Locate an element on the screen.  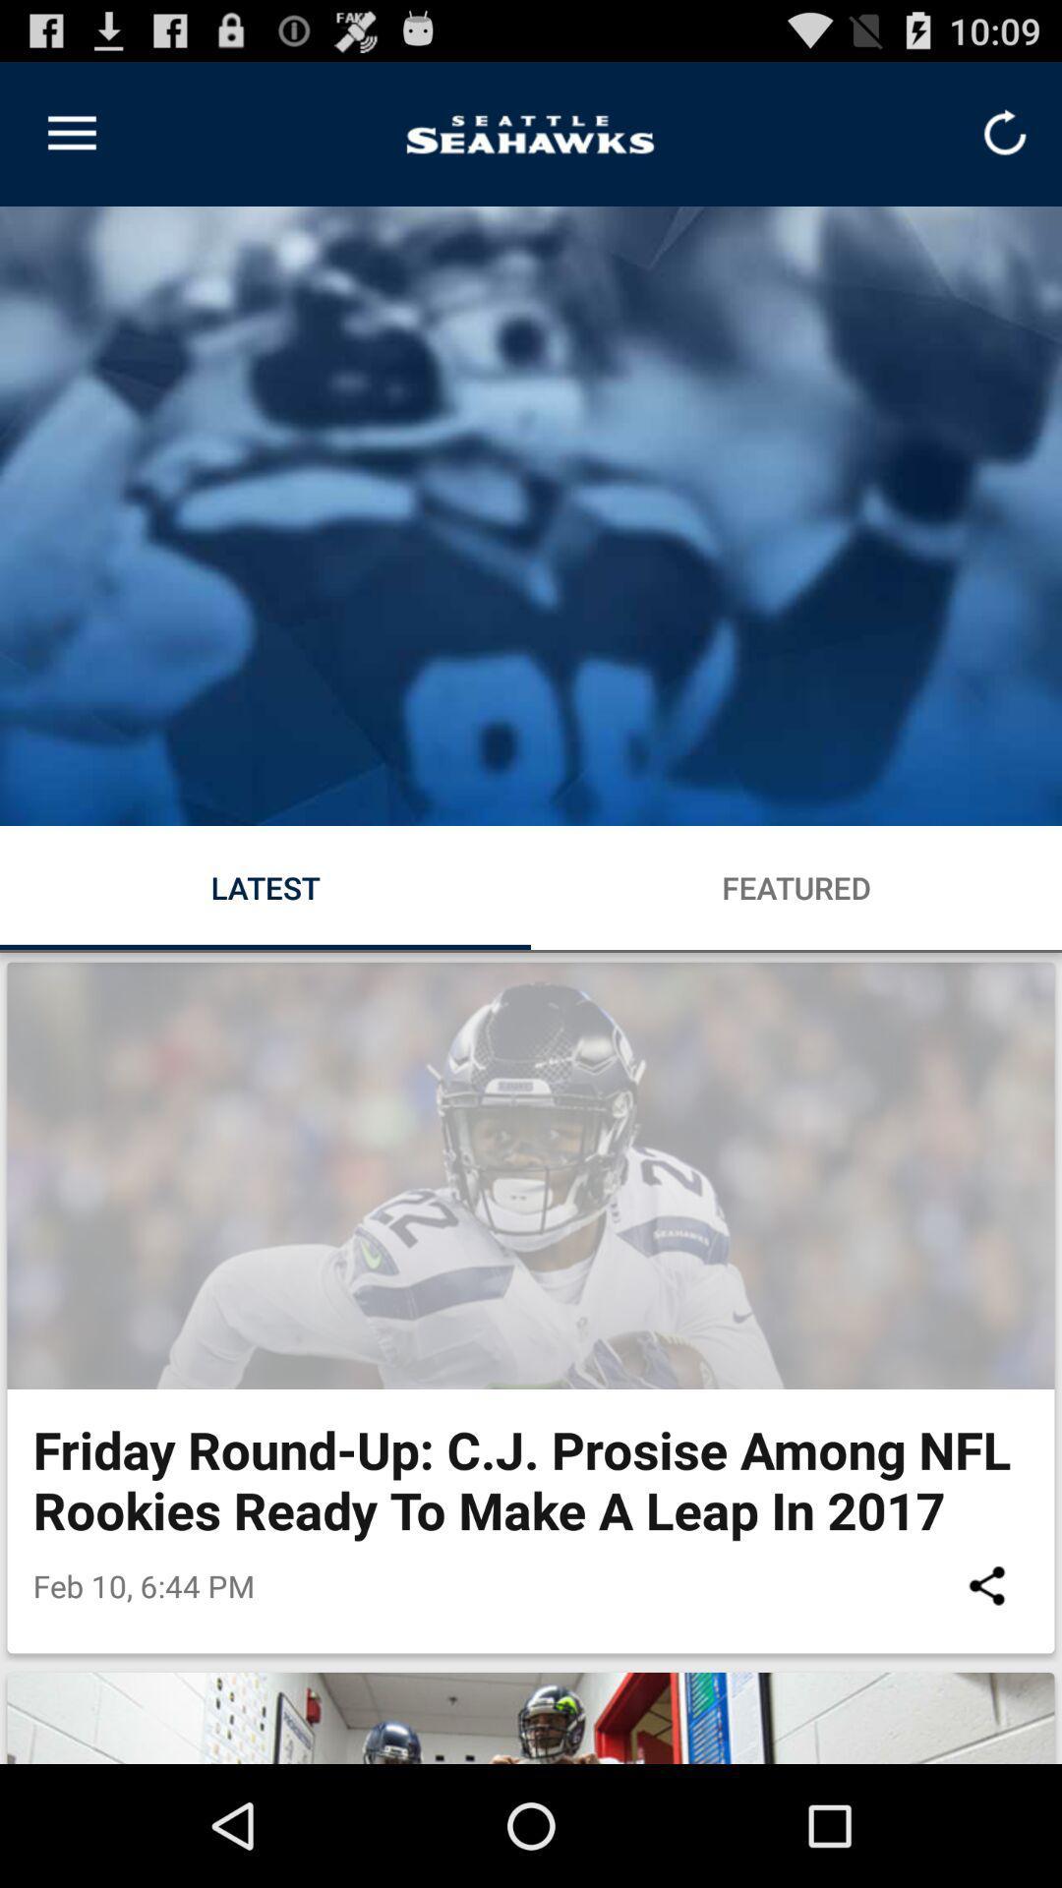
item below friday round up is located at coordinates (986, 1585).